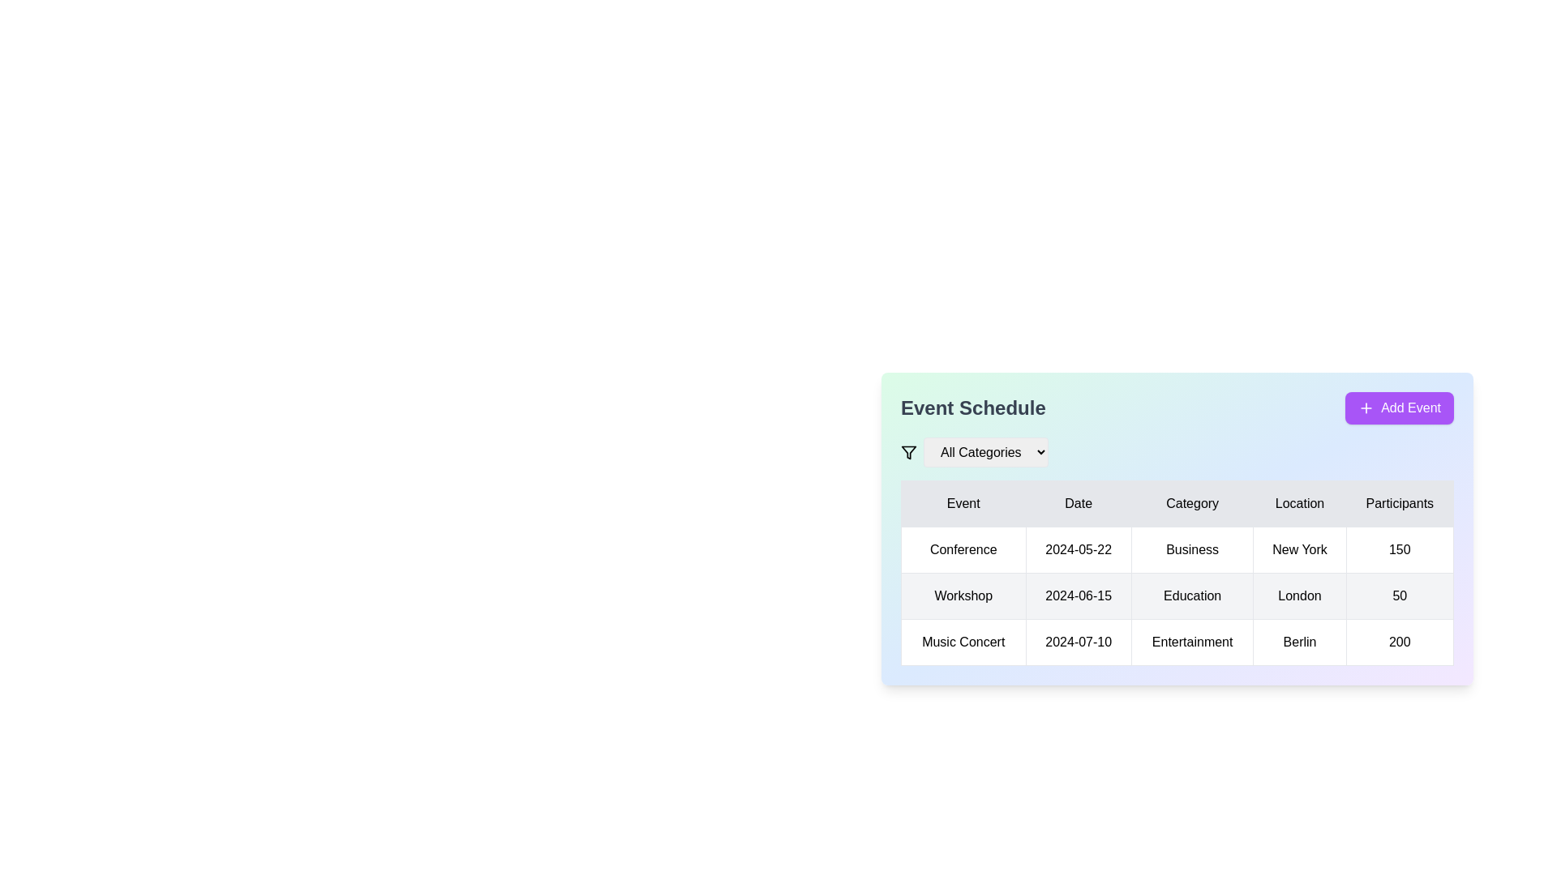 The width and height of the screenshot is (1557, 875). I want to click on the dropdown menu located in the top-left corner of the event schedule section's header, so click(973, 452).